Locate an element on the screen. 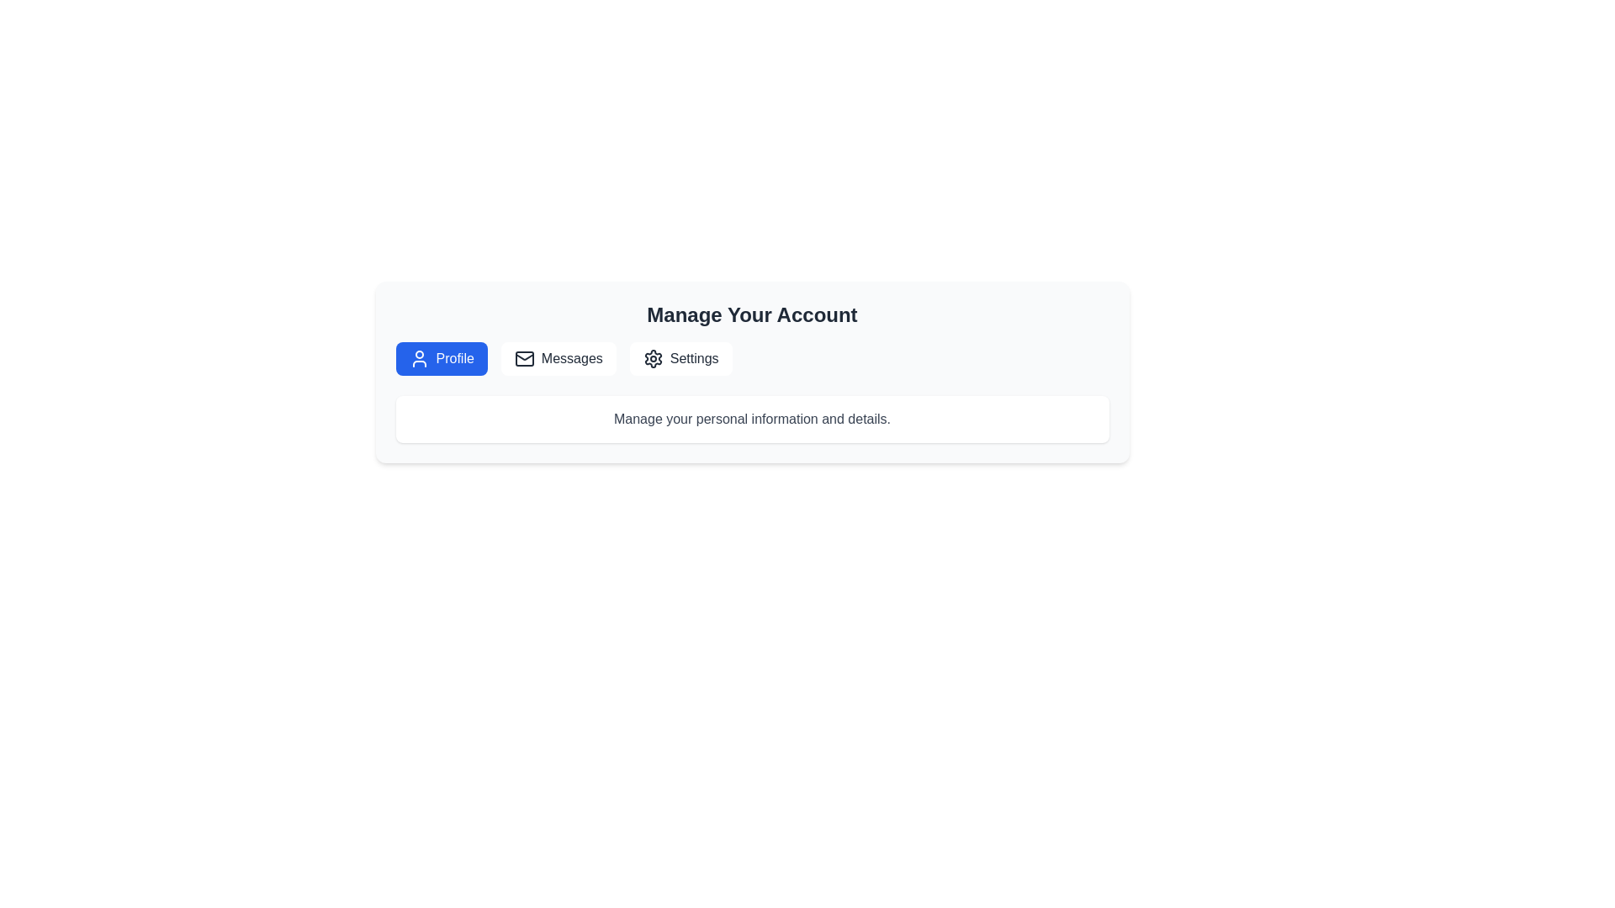 The height and width of the screenshot is (908, 1615). the Informative Text Block located below the navigation buttons, providing guidance on managing personal account details is located at coordinates (751, 418).